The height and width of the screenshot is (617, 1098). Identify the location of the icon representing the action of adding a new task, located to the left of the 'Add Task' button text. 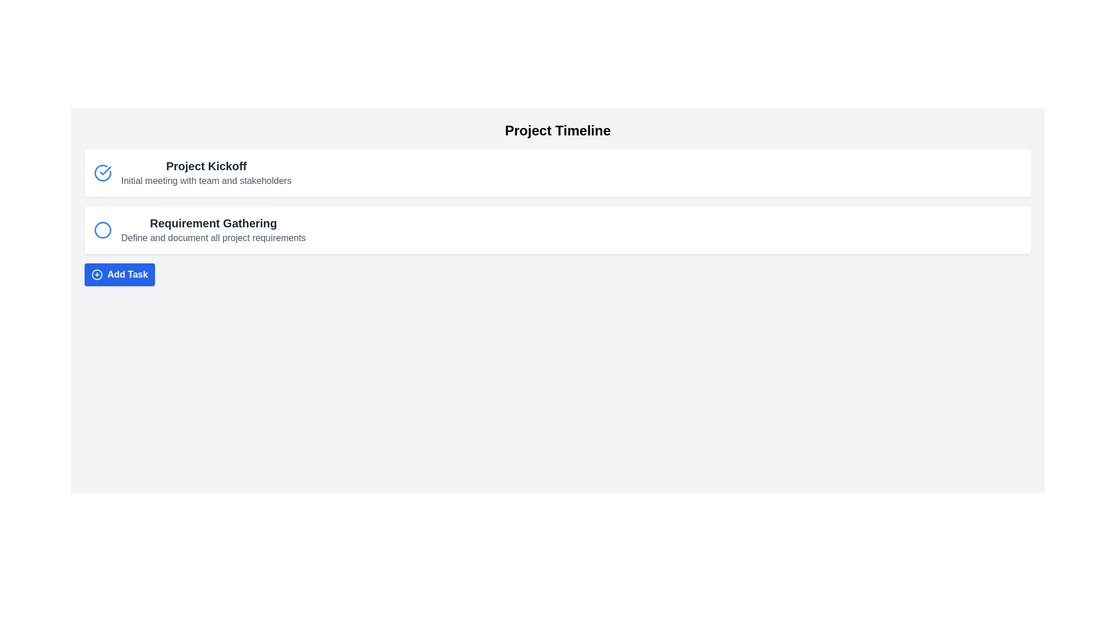
(97, 275).